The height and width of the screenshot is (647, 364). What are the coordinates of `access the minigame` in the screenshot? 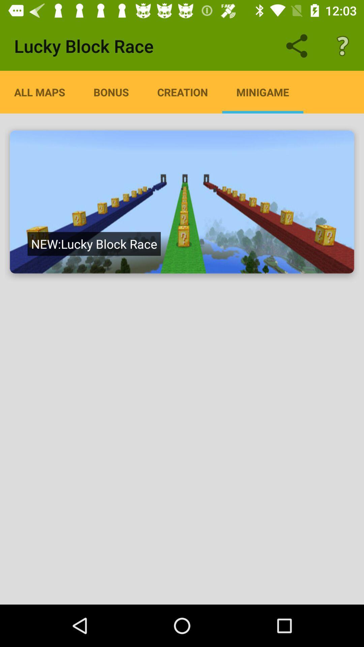 It's located at (182, 202).